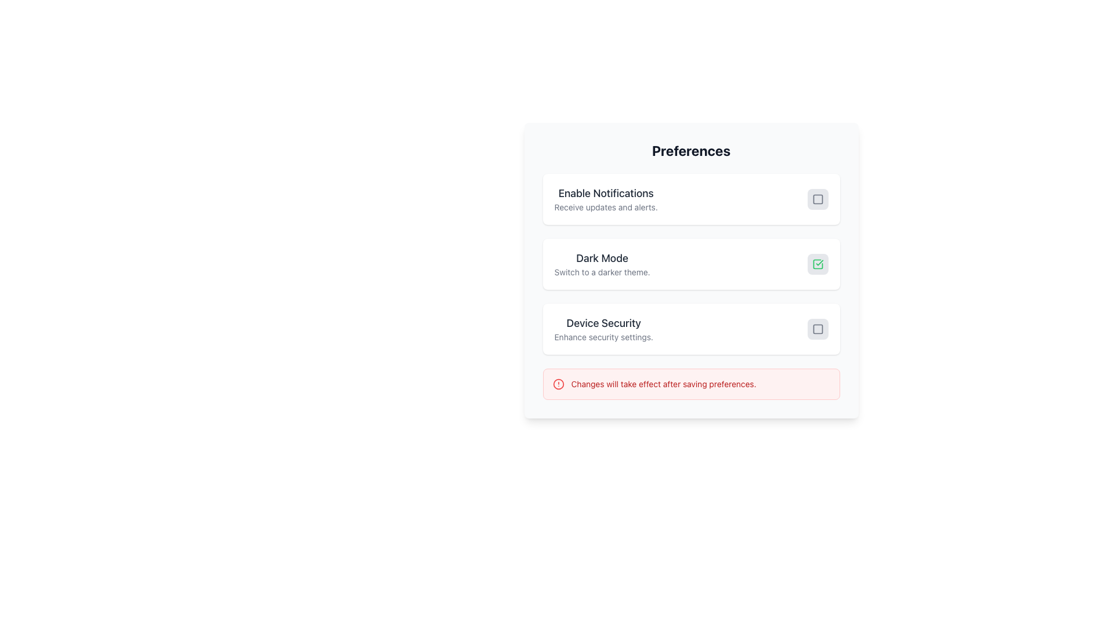 The width and height of the screenshot is (1114, 626). What do you see at coordinates (603, 329) in the screenshot?
I see `descriptive text 'Device Security' and 'Enhance security settings.' from the label positioned in the Preferences section of the settings card` at bounding box center [603, 329].